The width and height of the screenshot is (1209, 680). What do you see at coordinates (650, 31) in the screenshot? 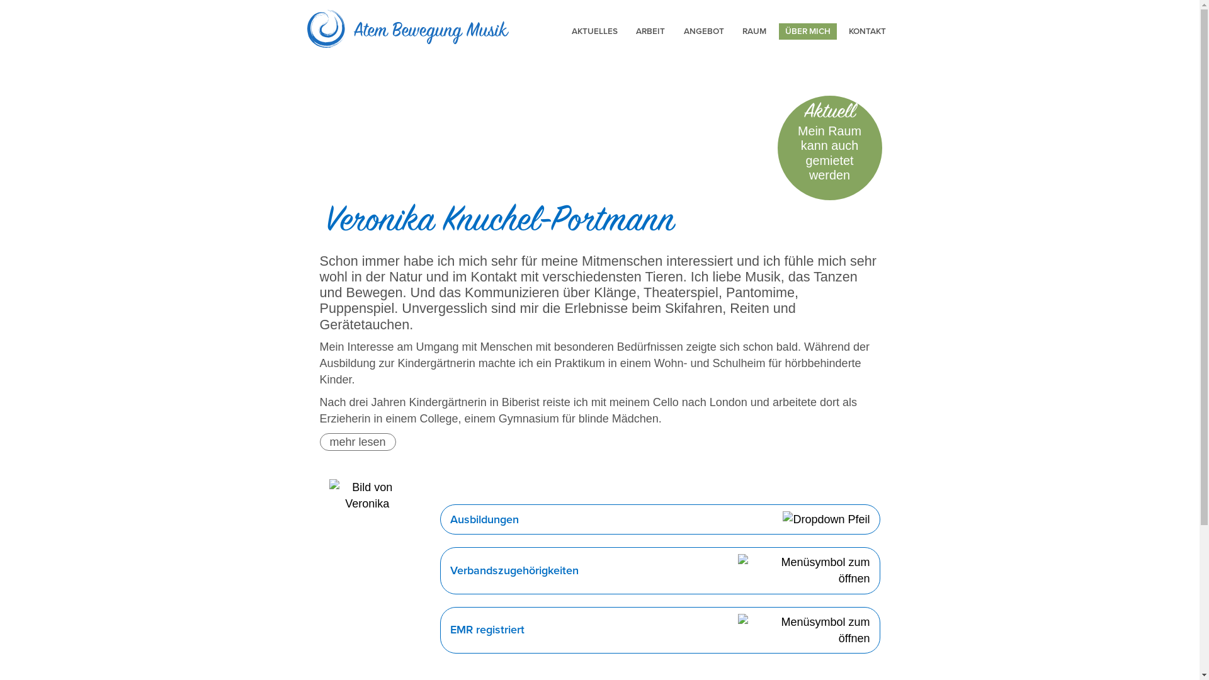
I see `'ARBEIT'` at bounding box center [650, 31].